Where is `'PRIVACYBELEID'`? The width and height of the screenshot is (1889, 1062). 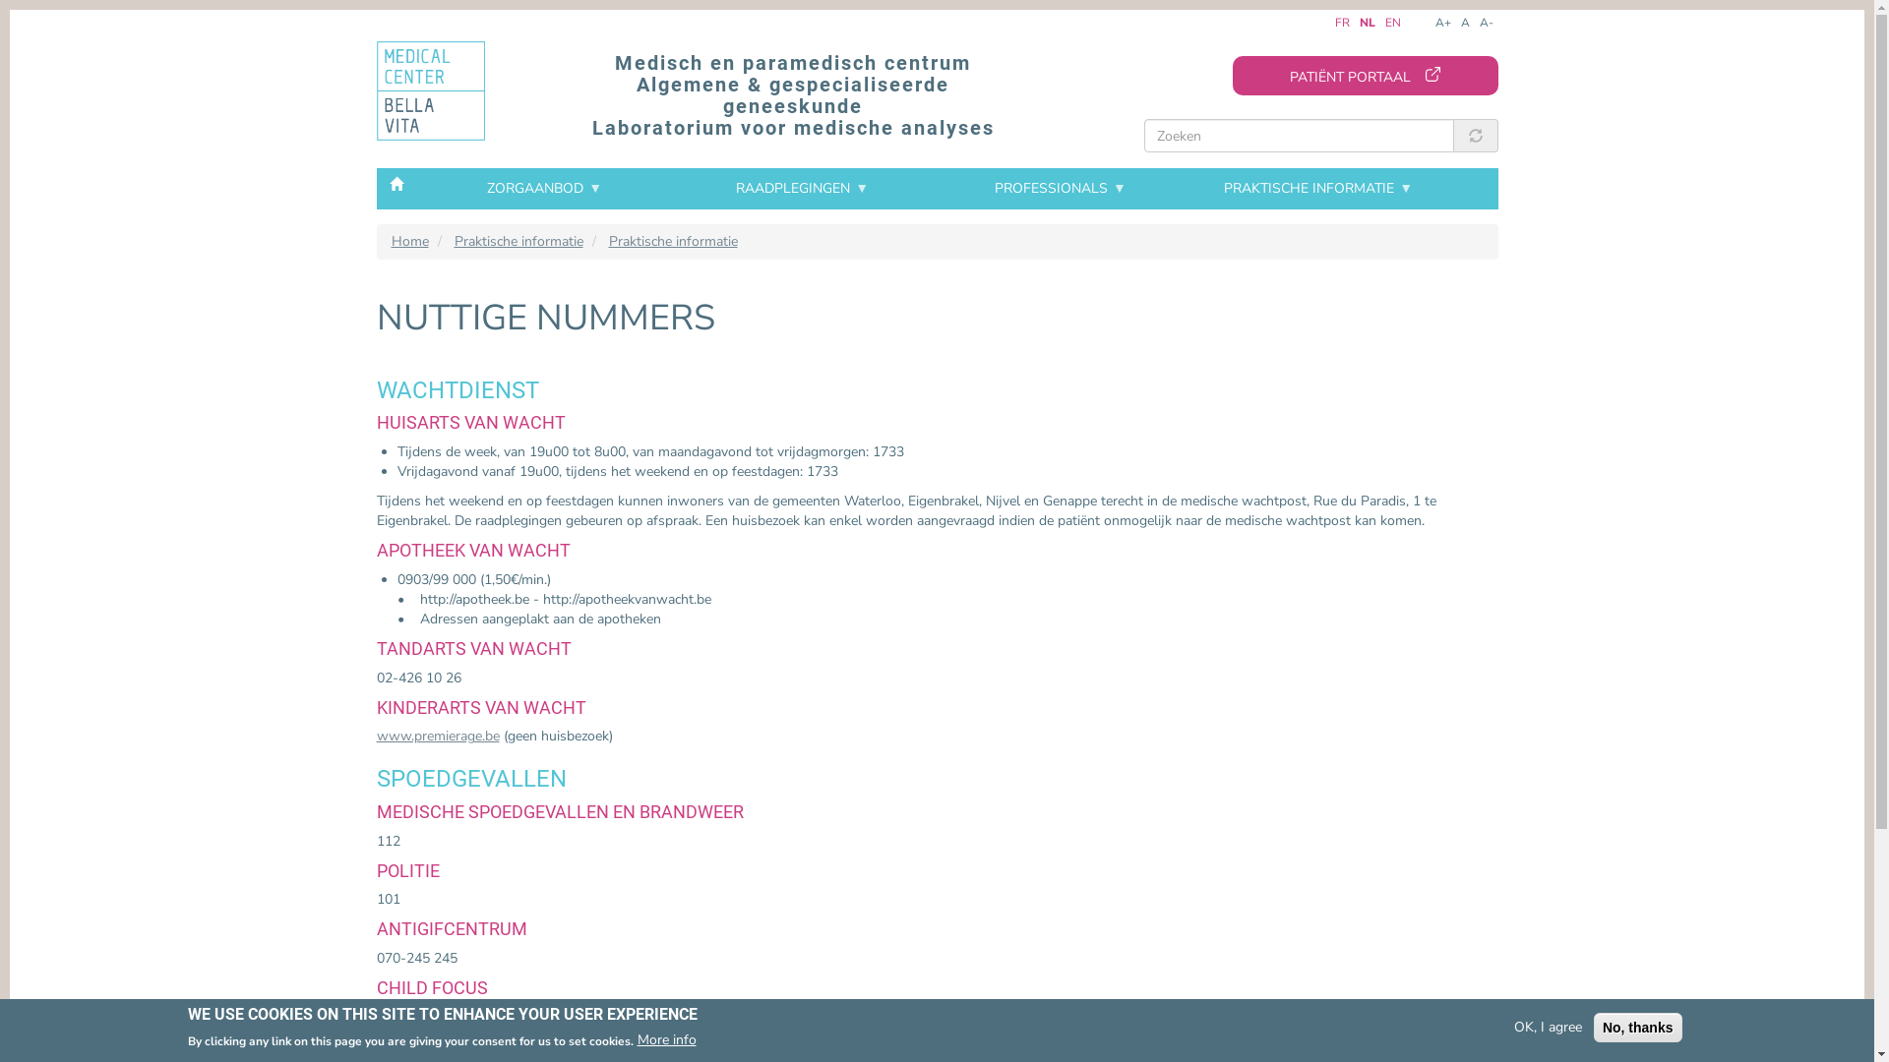
'PRIVACYBELEID' is located at coordinates (502, 505).